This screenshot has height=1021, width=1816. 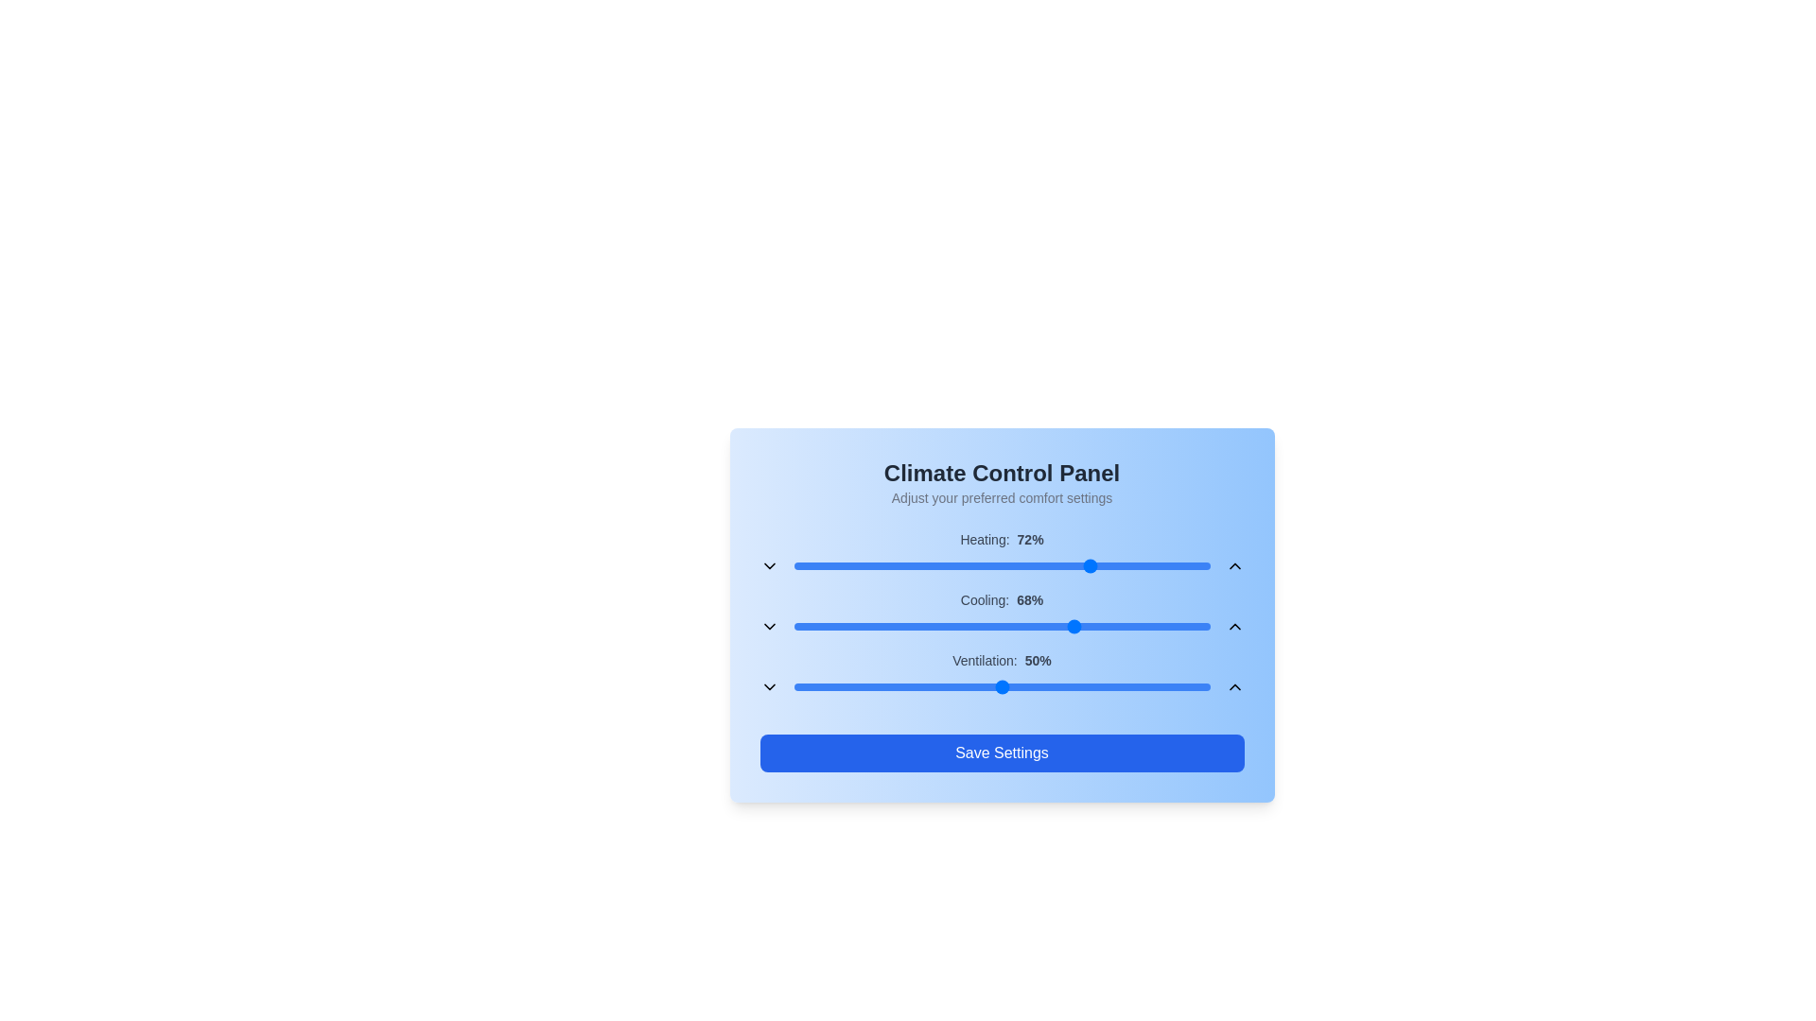 I want to click on the ventilation setting by clicking the up button, so click(x=1234, y=686).